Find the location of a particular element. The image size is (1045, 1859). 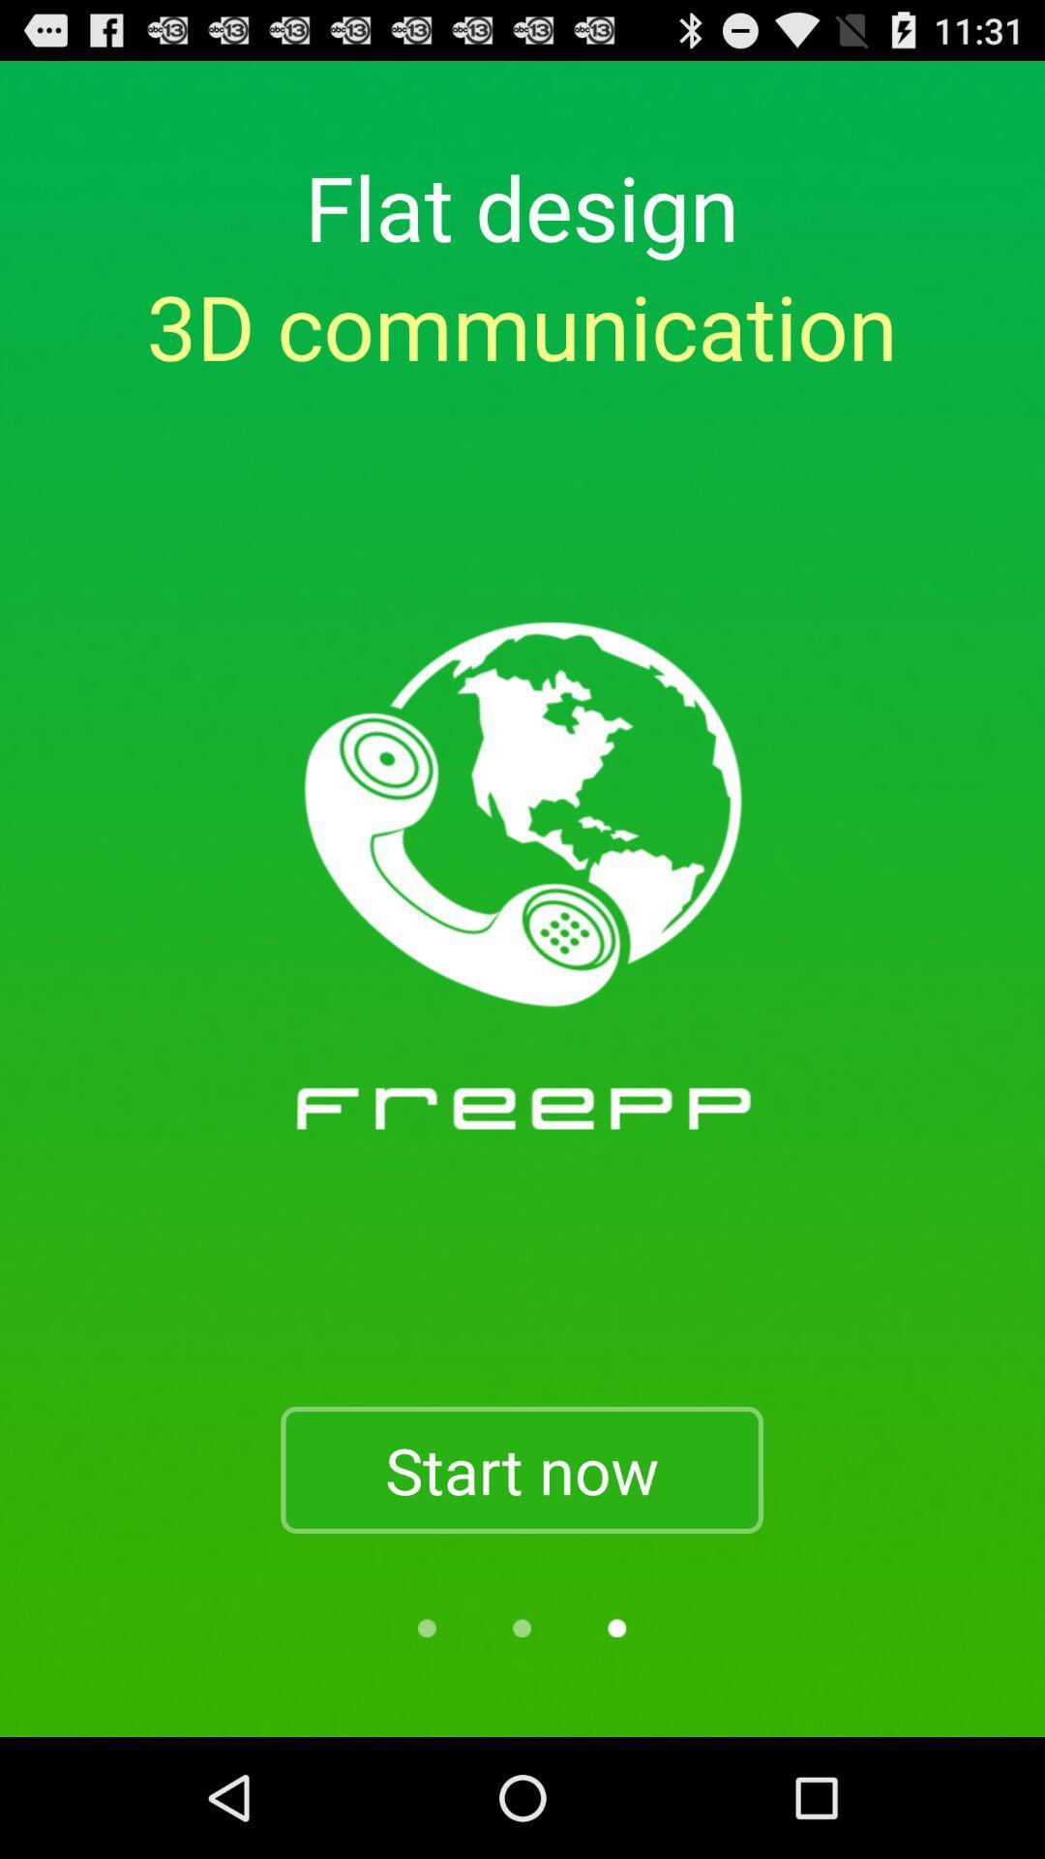

next page is located at coordinates (616, 1627).